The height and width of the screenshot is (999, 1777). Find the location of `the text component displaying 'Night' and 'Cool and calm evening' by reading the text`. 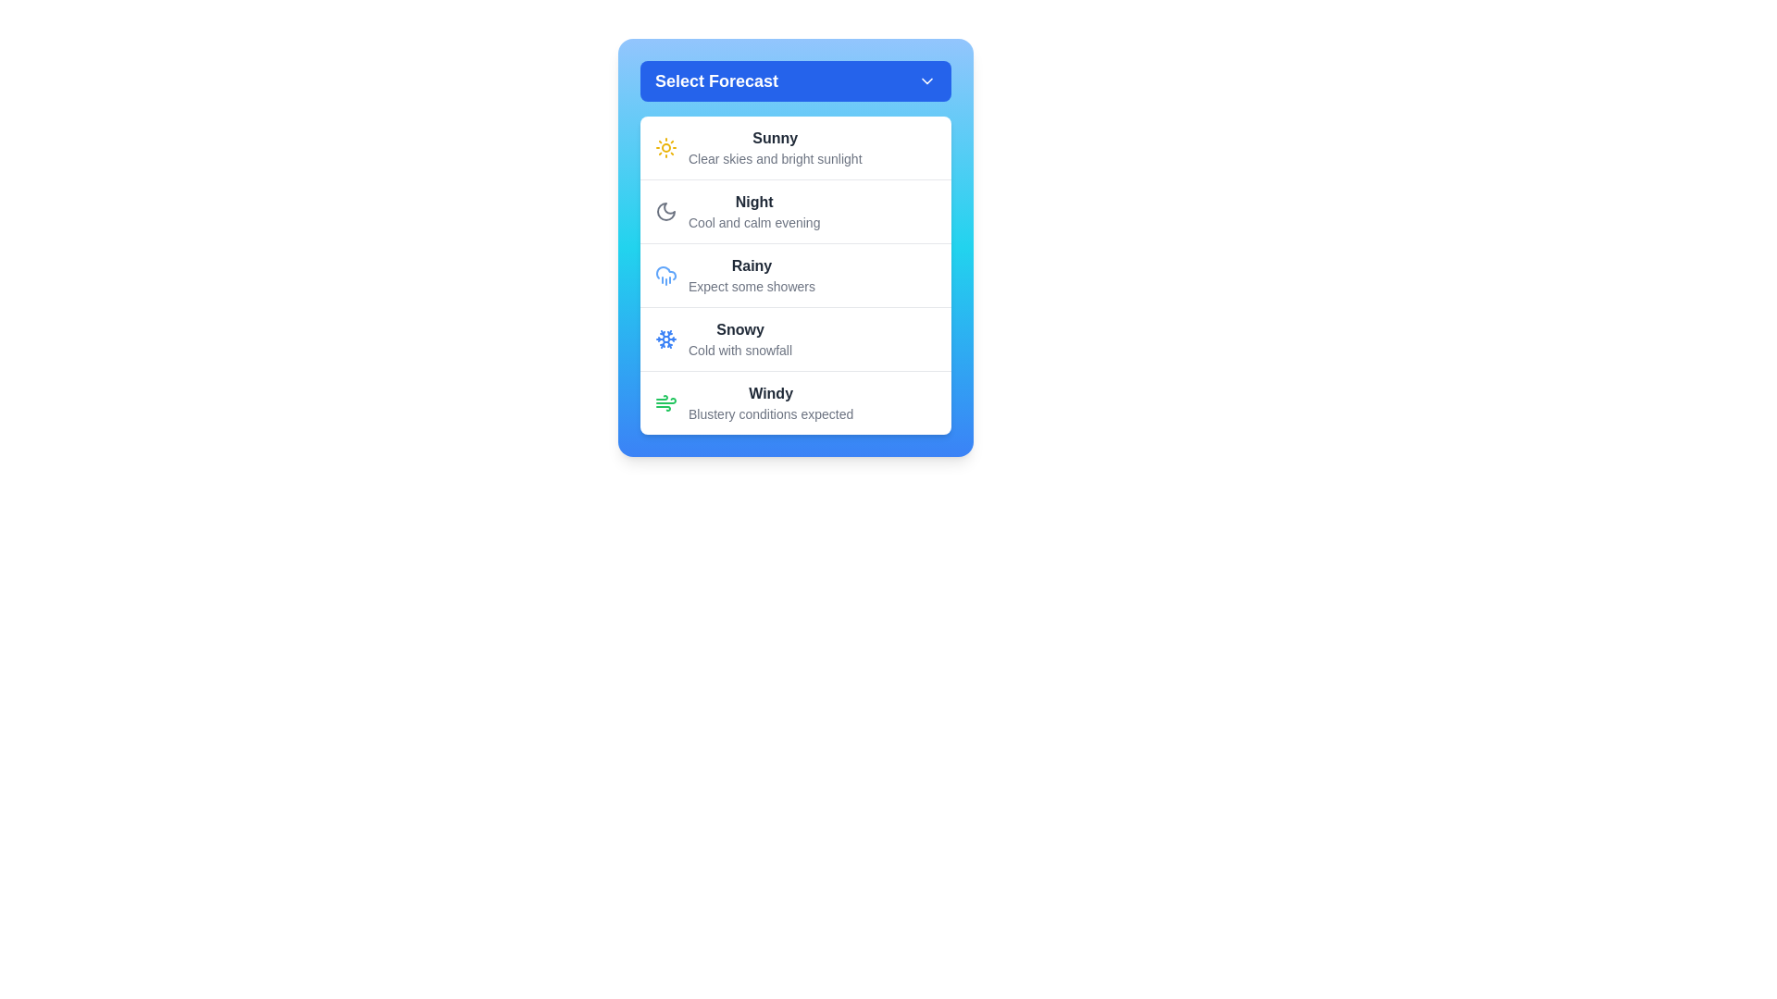

the text component displaying 'Night' and 'Cool and calm evening' by reading the text is located at coordinates (754, 210).